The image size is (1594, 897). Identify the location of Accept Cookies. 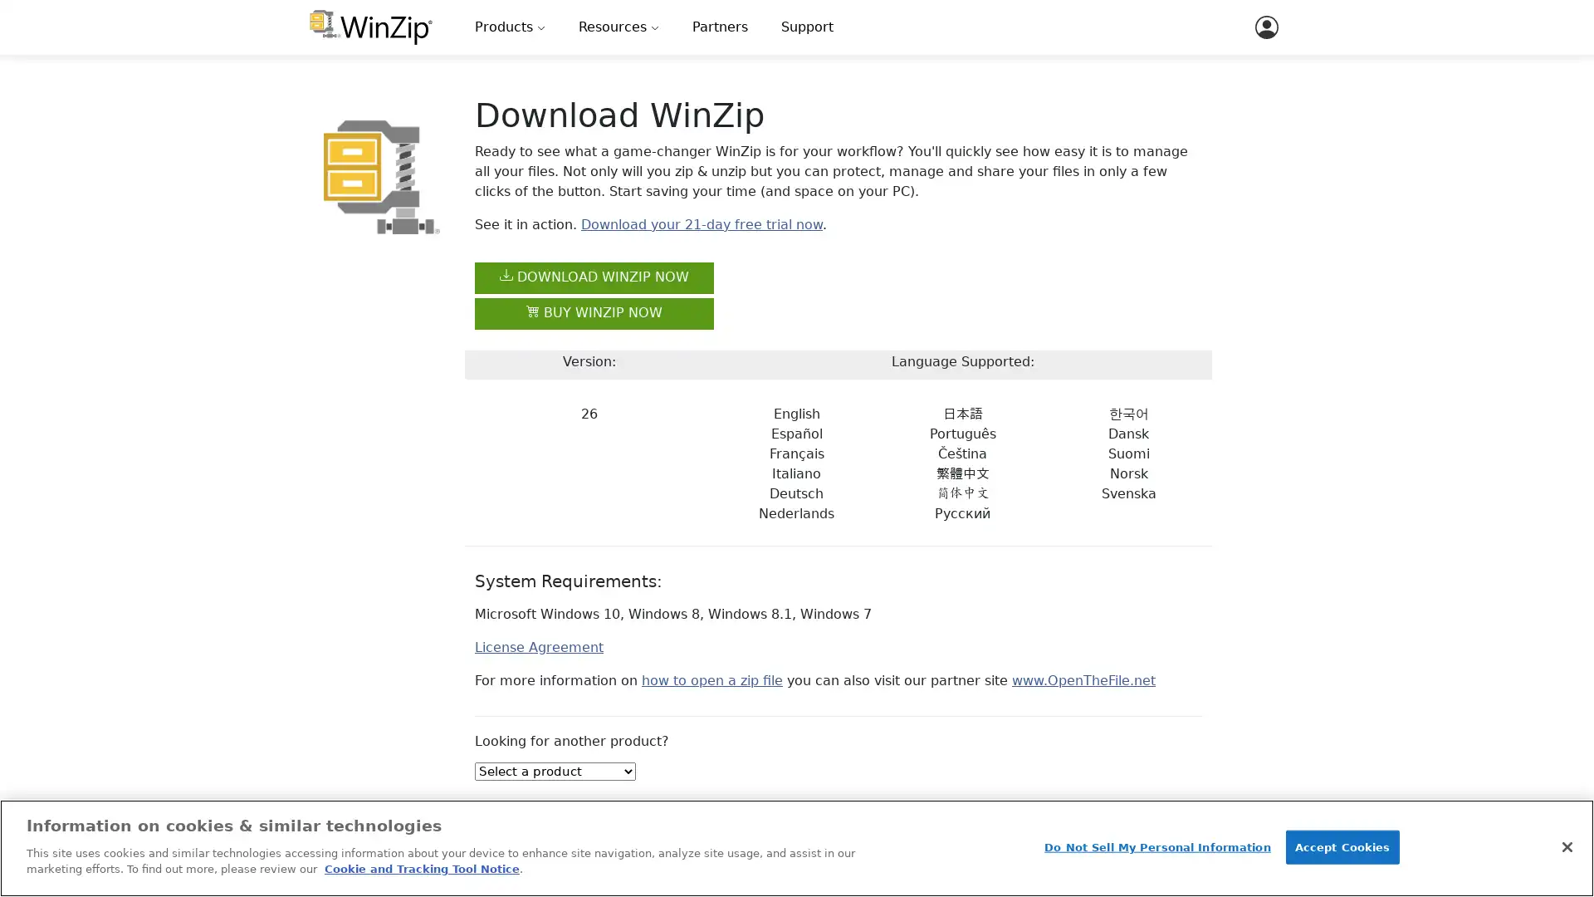
(1342, 846).